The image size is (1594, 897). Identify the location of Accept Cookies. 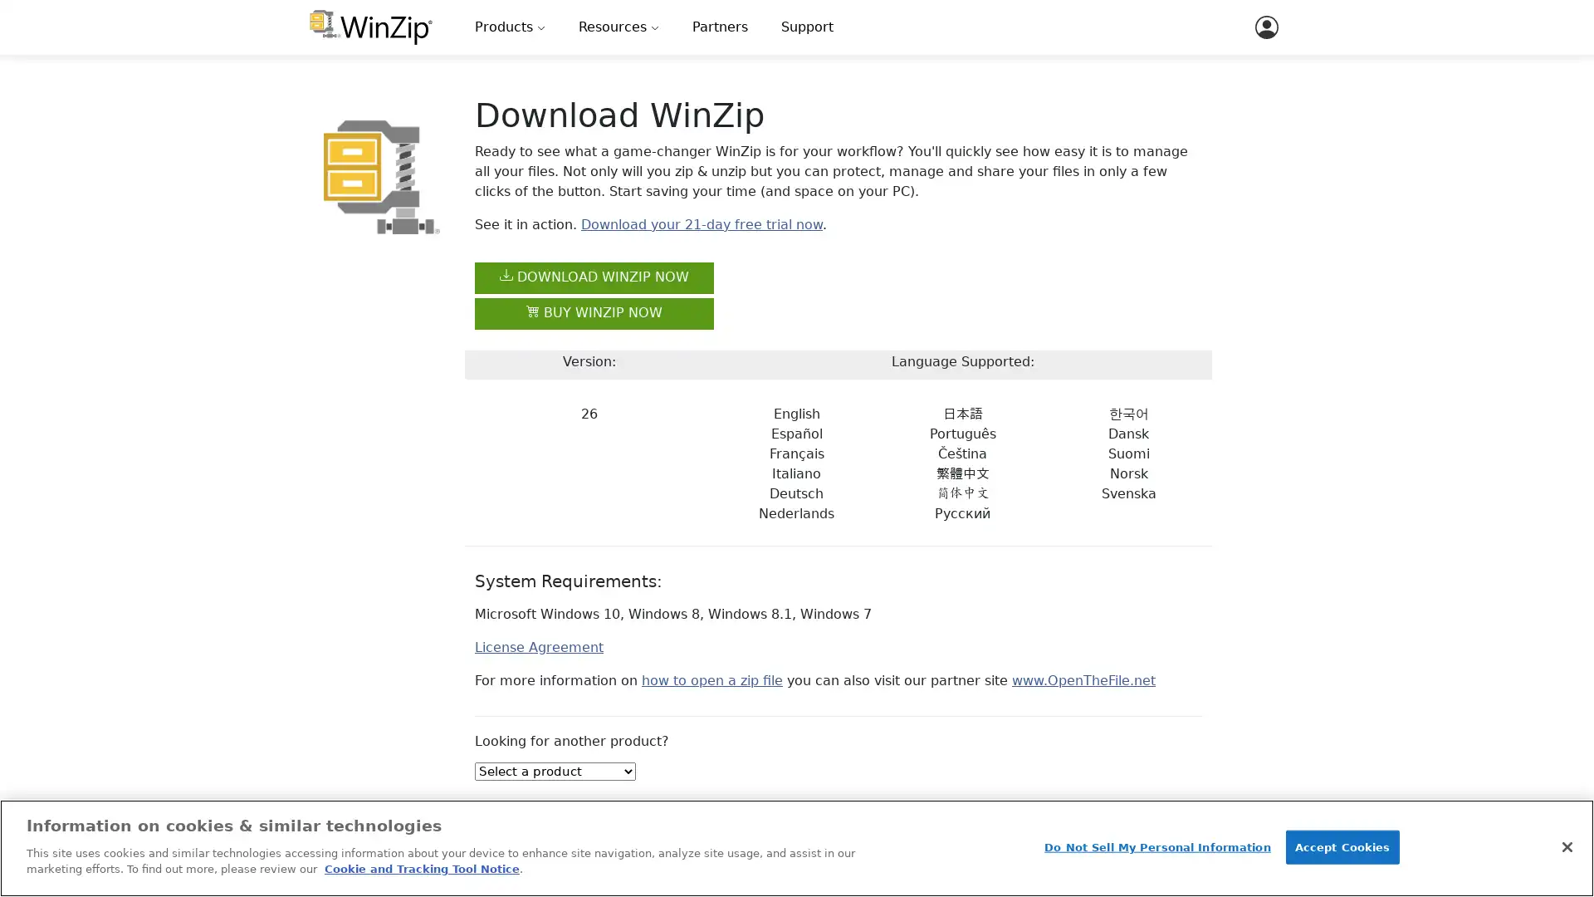
(1342, 846).